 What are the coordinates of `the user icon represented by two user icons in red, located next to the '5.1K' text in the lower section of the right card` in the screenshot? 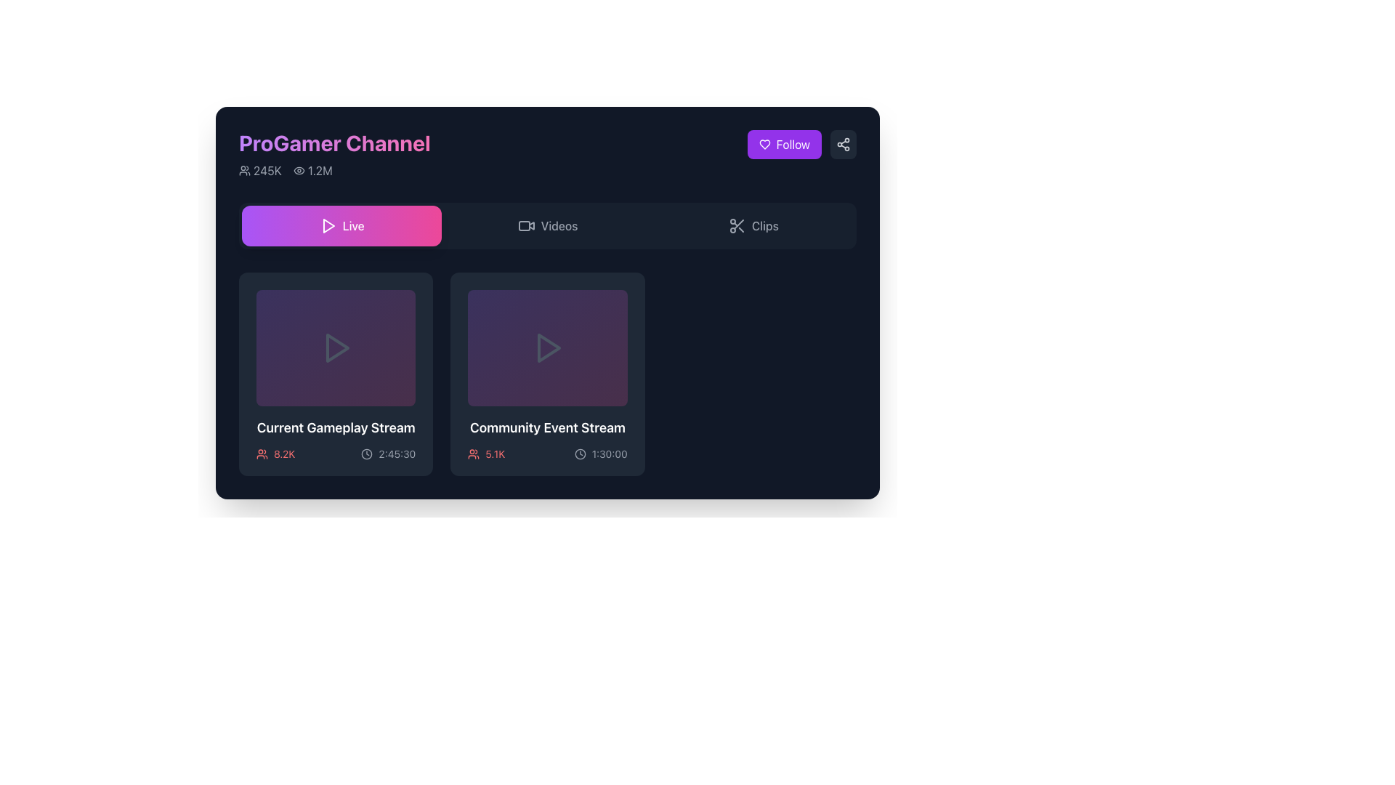 It's located at (474, 453).